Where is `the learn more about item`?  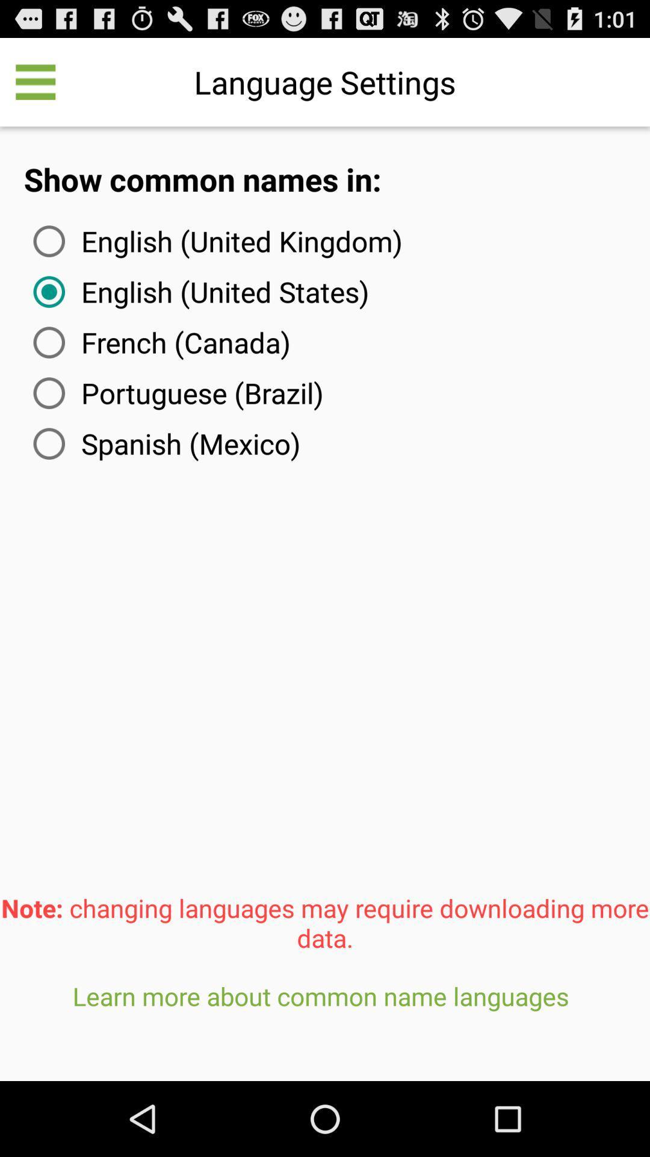
the learn more about item is located at coordinates (325, 1025).